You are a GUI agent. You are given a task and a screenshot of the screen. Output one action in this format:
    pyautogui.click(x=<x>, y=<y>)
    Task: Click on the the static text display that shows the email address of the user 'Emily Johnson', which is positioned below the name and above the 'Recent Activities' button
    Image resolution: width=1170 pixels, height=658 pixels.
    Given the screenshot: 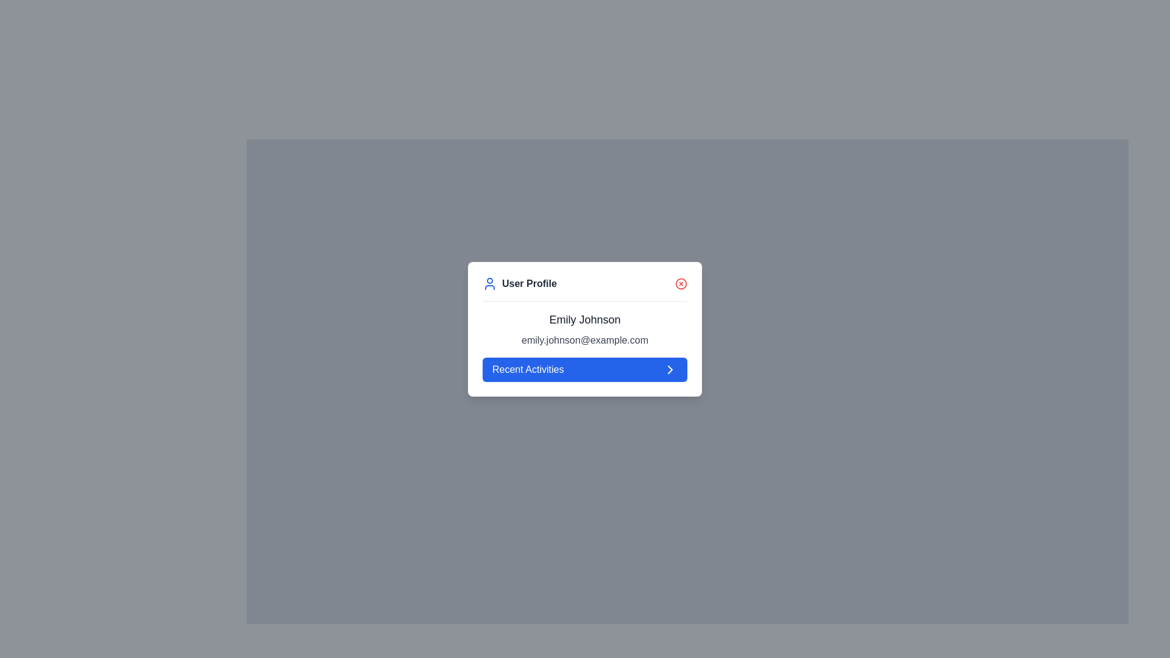 What is the action you would take?
    pyautogui.click(x=585, y=340)
    